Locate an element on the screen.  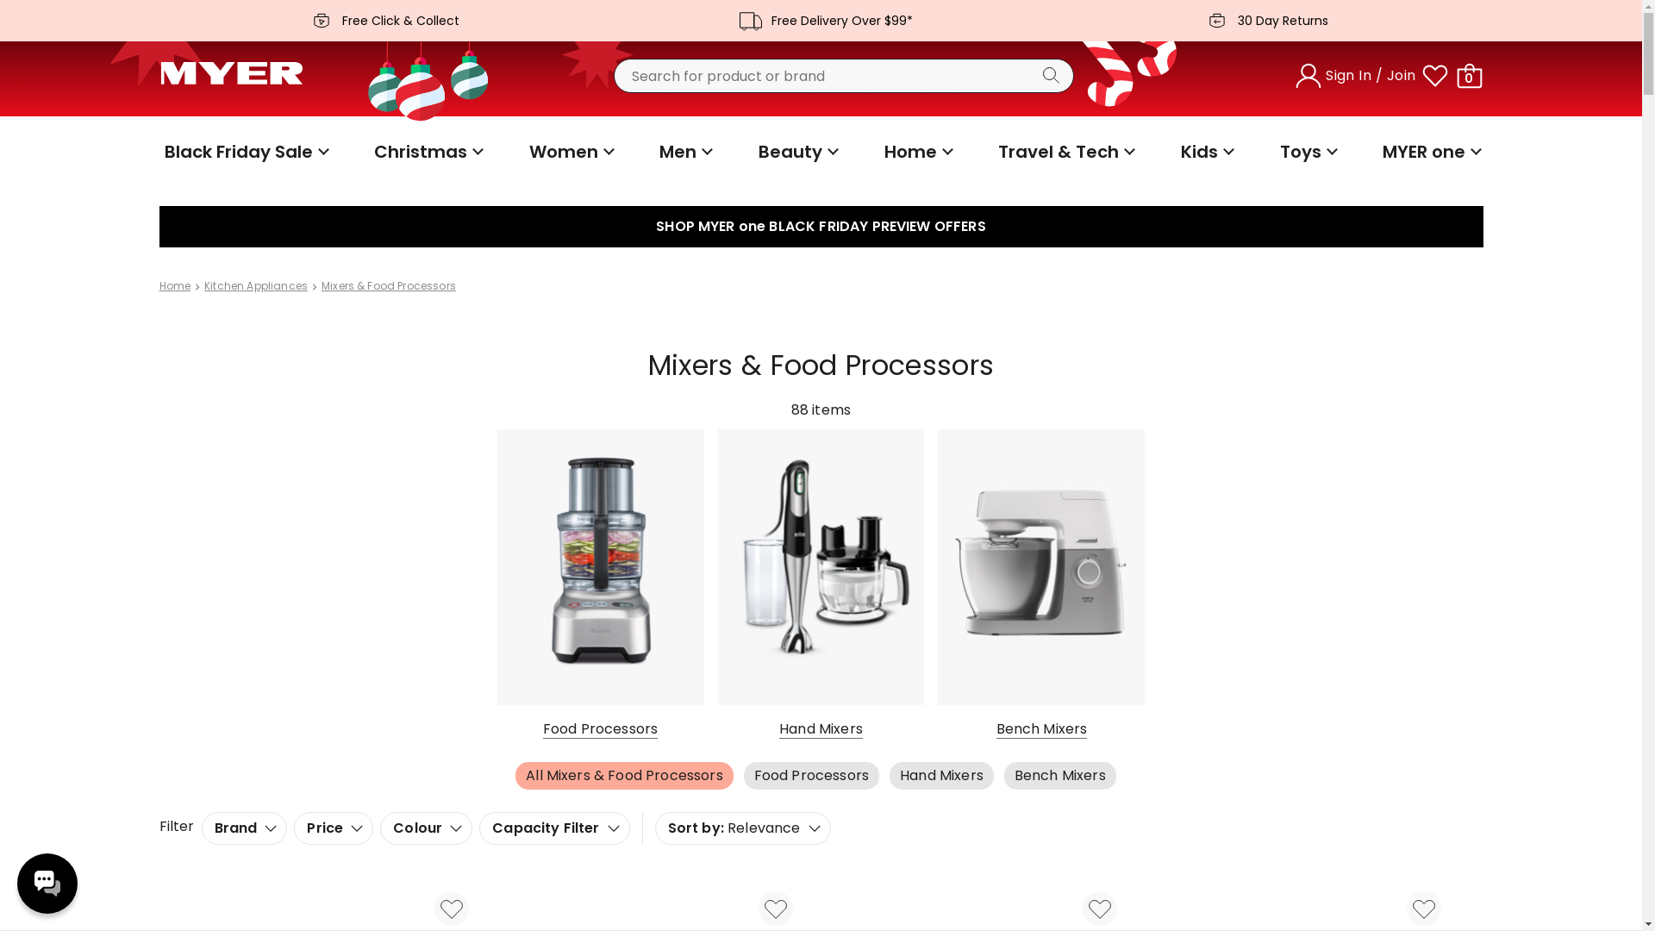
'0' is located at coordinates (1468, 75).